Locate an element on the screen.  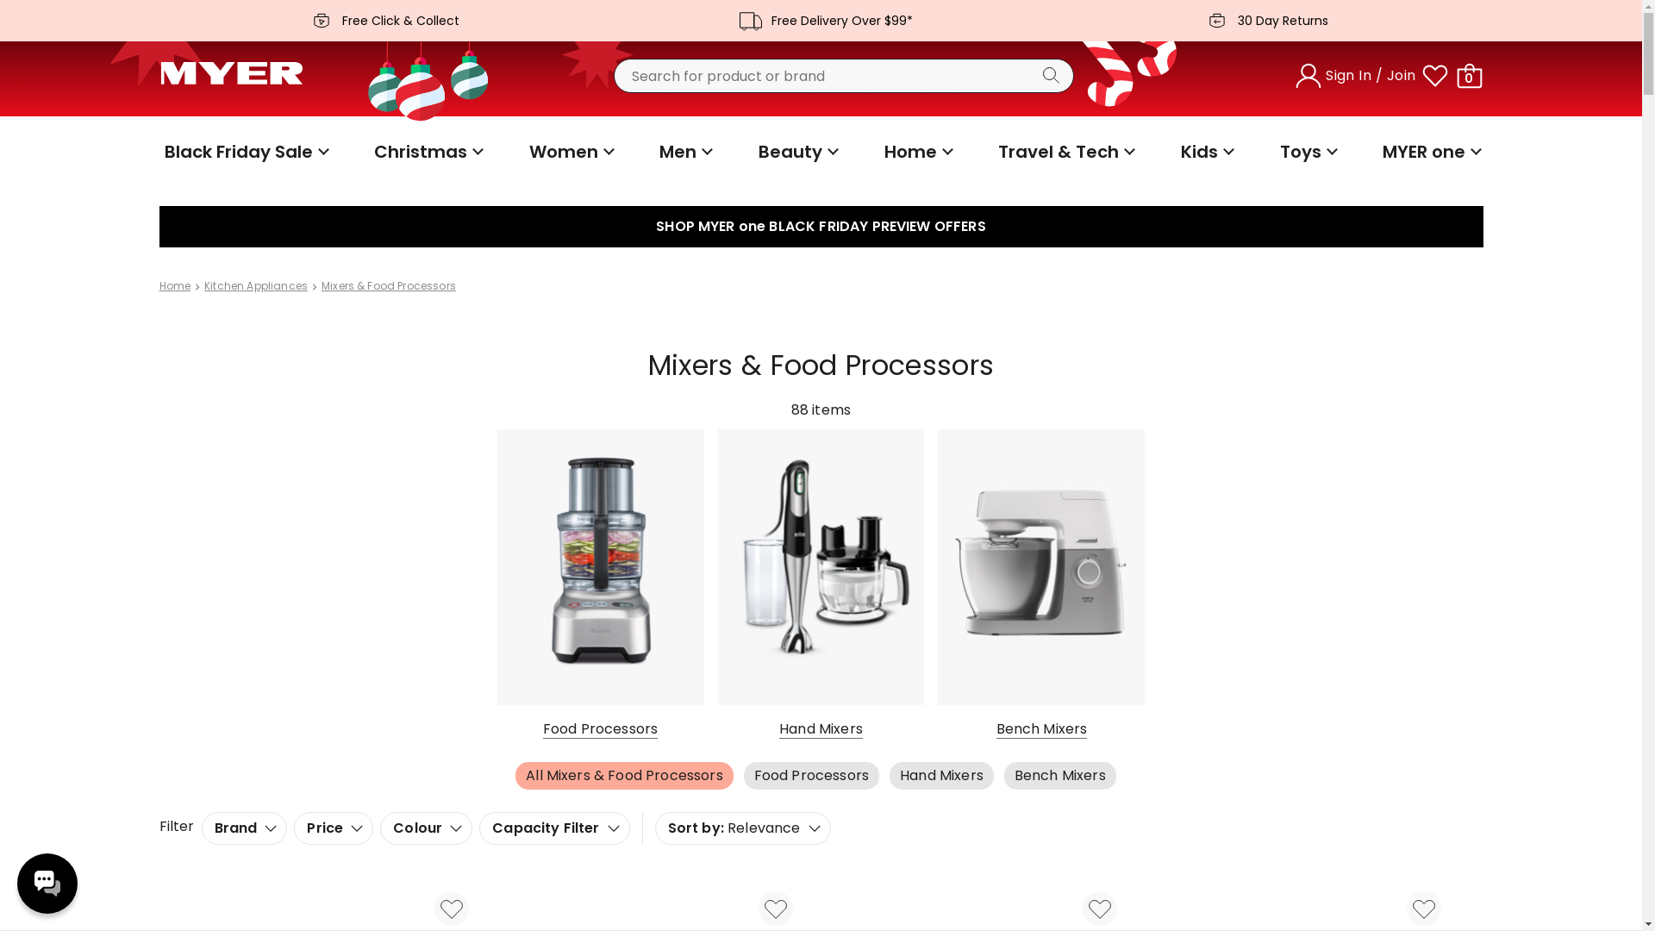
'0' is located at coordinates (1468, 75).